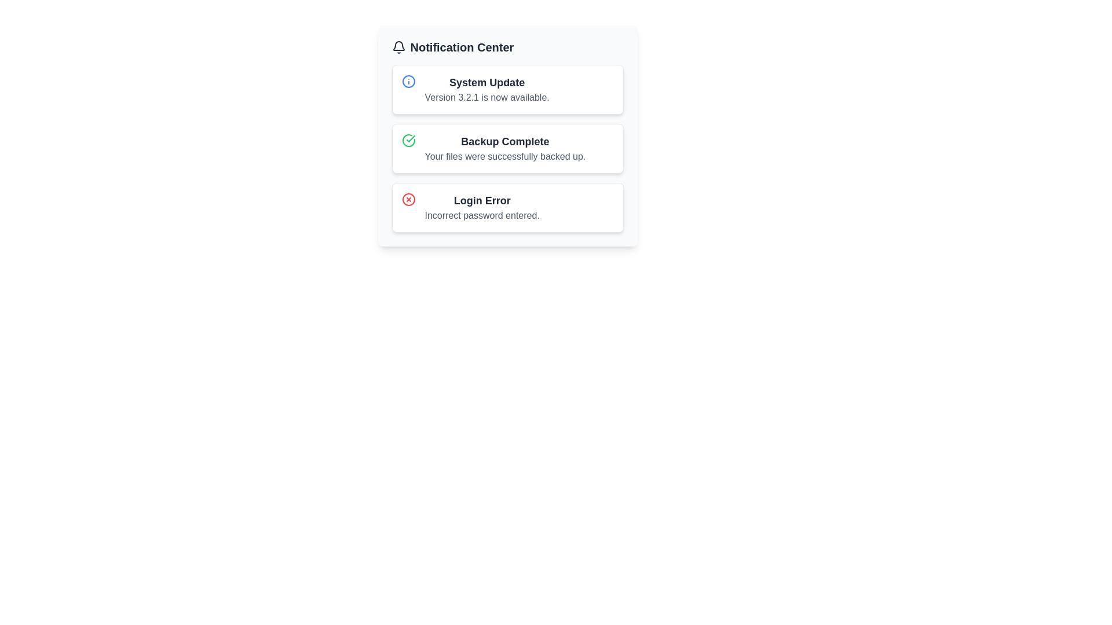 The image size is (1112, 625). I want to click on the text element providing additional details regarding the 'System Update' notification, located directly below the 'System Update' title in the notification panel, so click(487, 97).